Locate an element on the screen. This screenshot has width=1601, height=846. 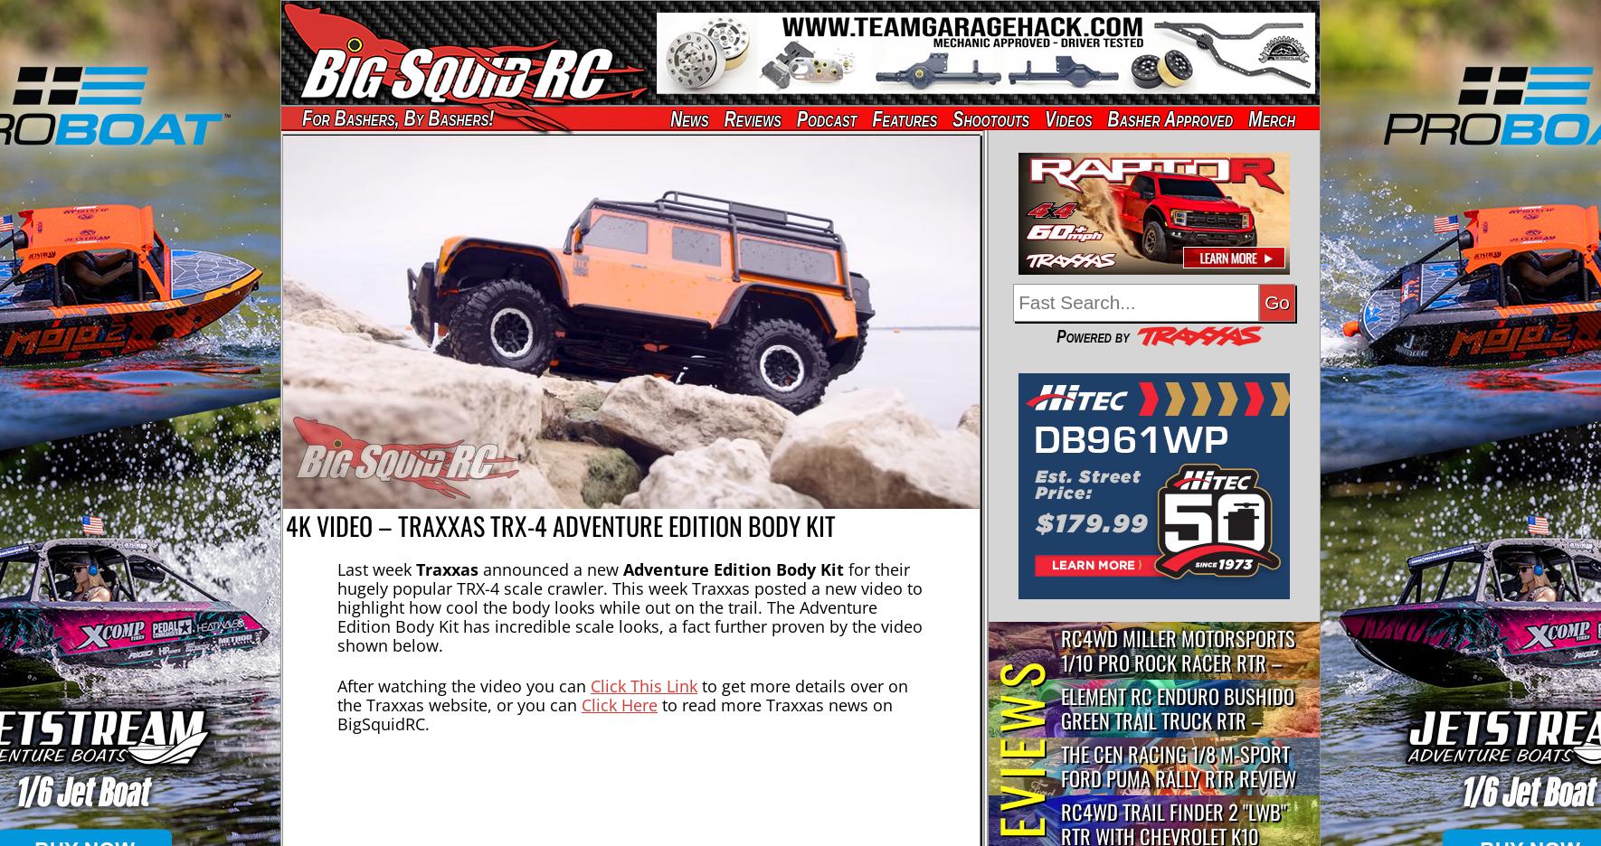
'Click Here' is located at coordinates (581, 704).